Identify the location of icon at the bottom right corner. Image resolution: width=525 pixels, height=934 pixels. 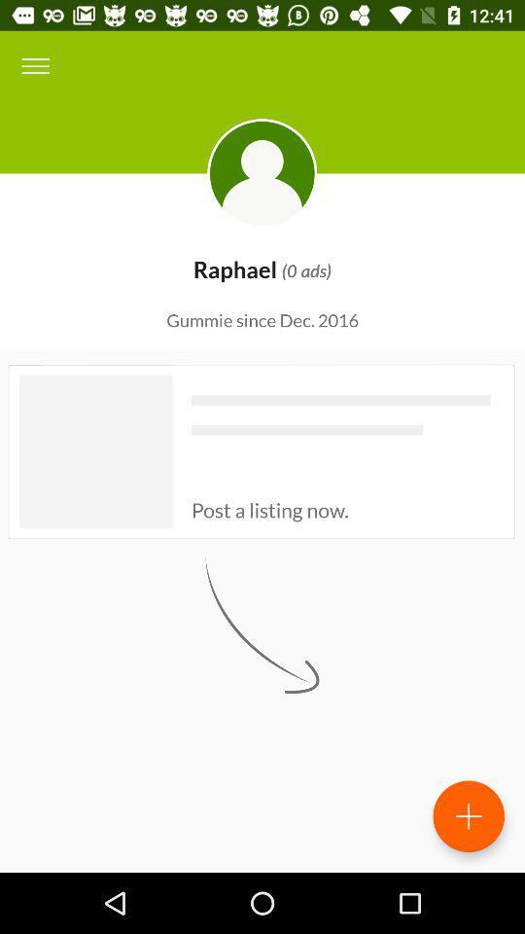
(468, 816).